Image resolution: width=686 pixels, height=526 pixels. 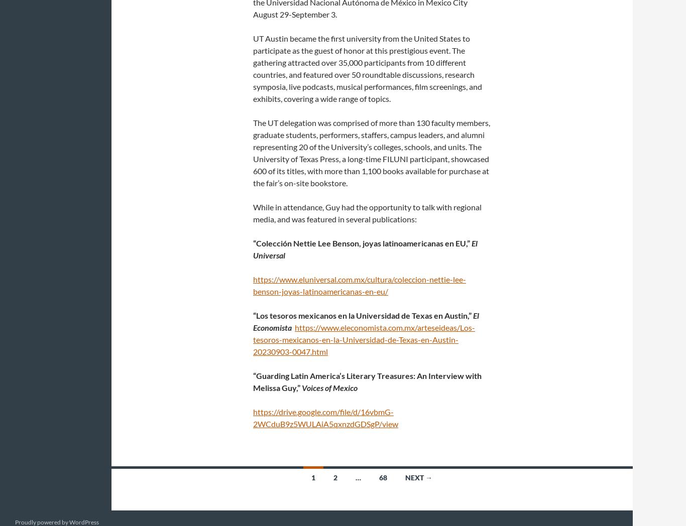 What do you see at coordinates (362, 243) in the screenshot?
I see `'“Colección Nettie Lee Benson, joyas latinoamericanas en EU,”'` at bounding box center [362, 243].